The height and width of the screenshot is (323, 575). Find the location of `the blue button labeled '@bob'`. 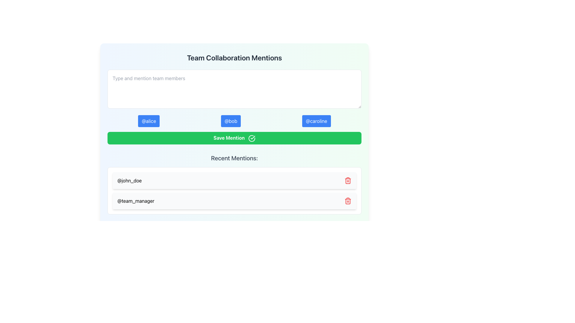

the blue button labeled '@bob' is located at coordinates (234, 121).